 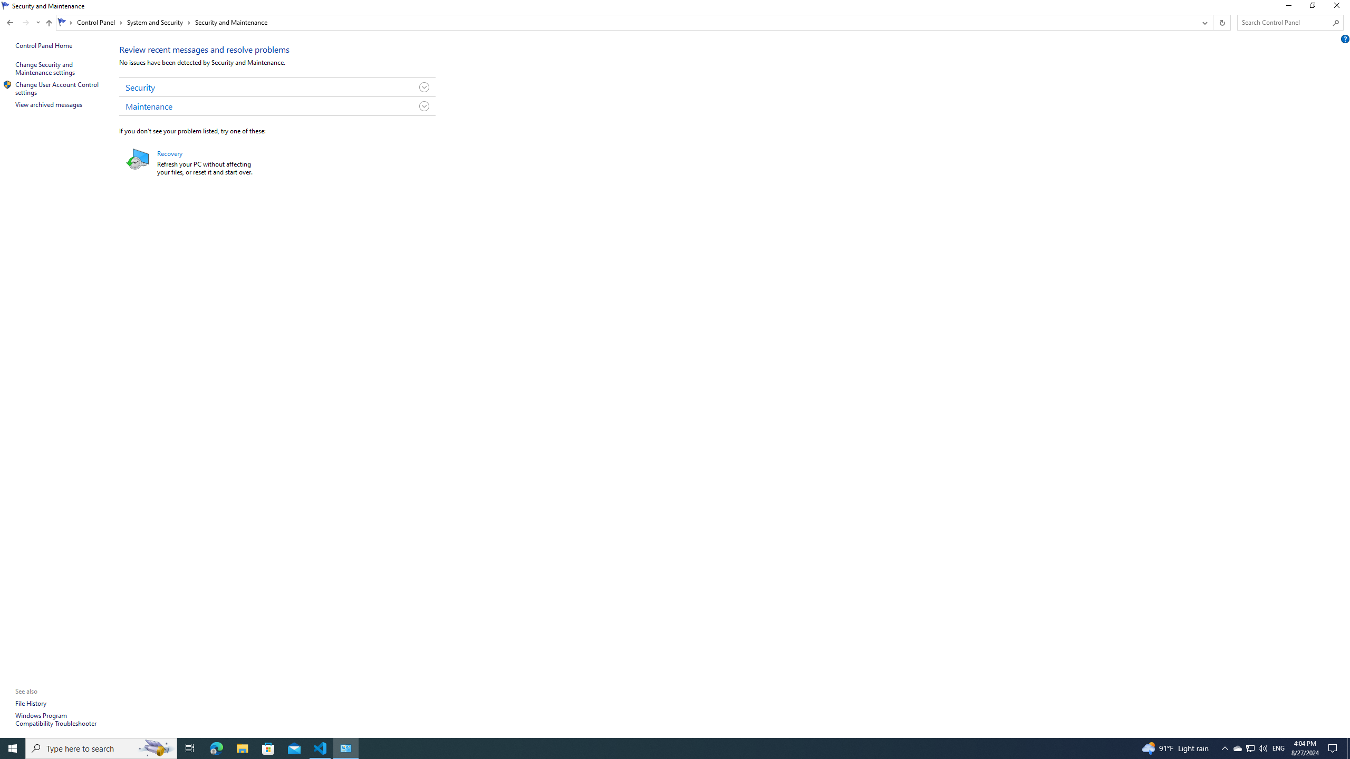 I want to click on 'Up to "System and Security" (Alt + Up Arrow)', so click(x=49, y=22).